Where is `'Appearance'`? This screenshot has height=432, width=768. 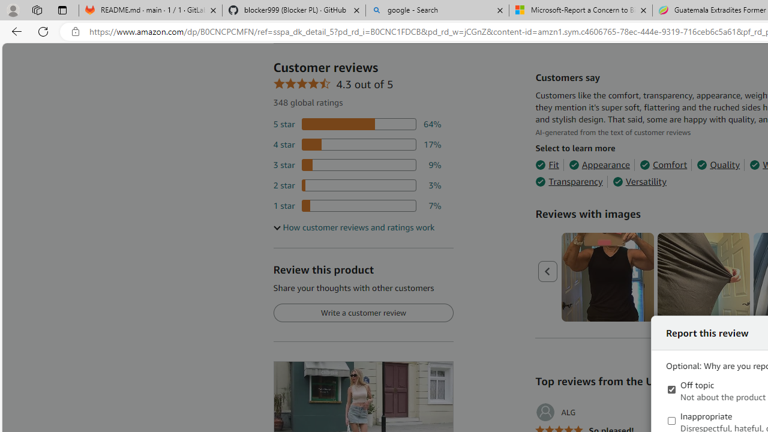
'Appearance' is located at coordinates (599, 165).